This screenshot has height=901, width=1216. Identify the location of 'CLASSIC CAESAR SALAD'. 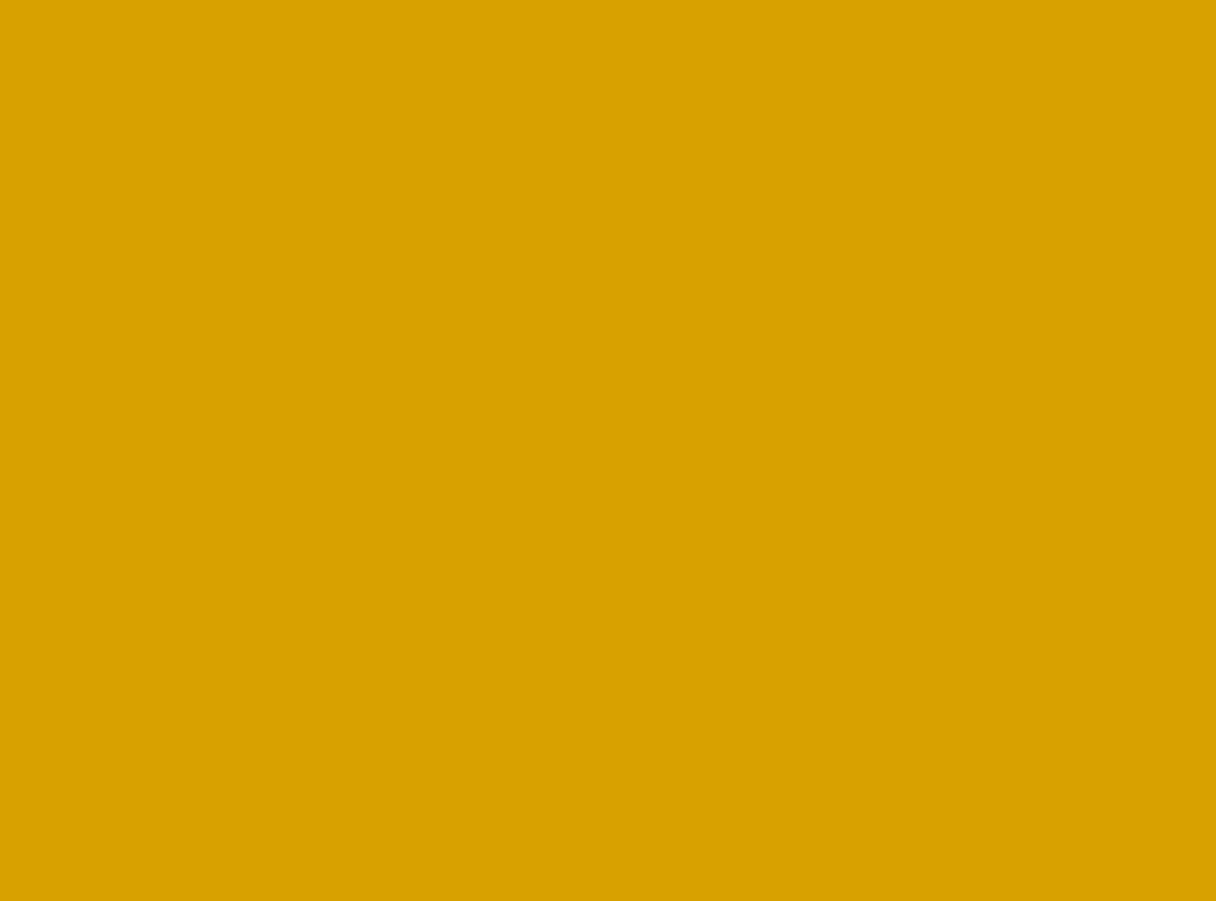
(293, 361).